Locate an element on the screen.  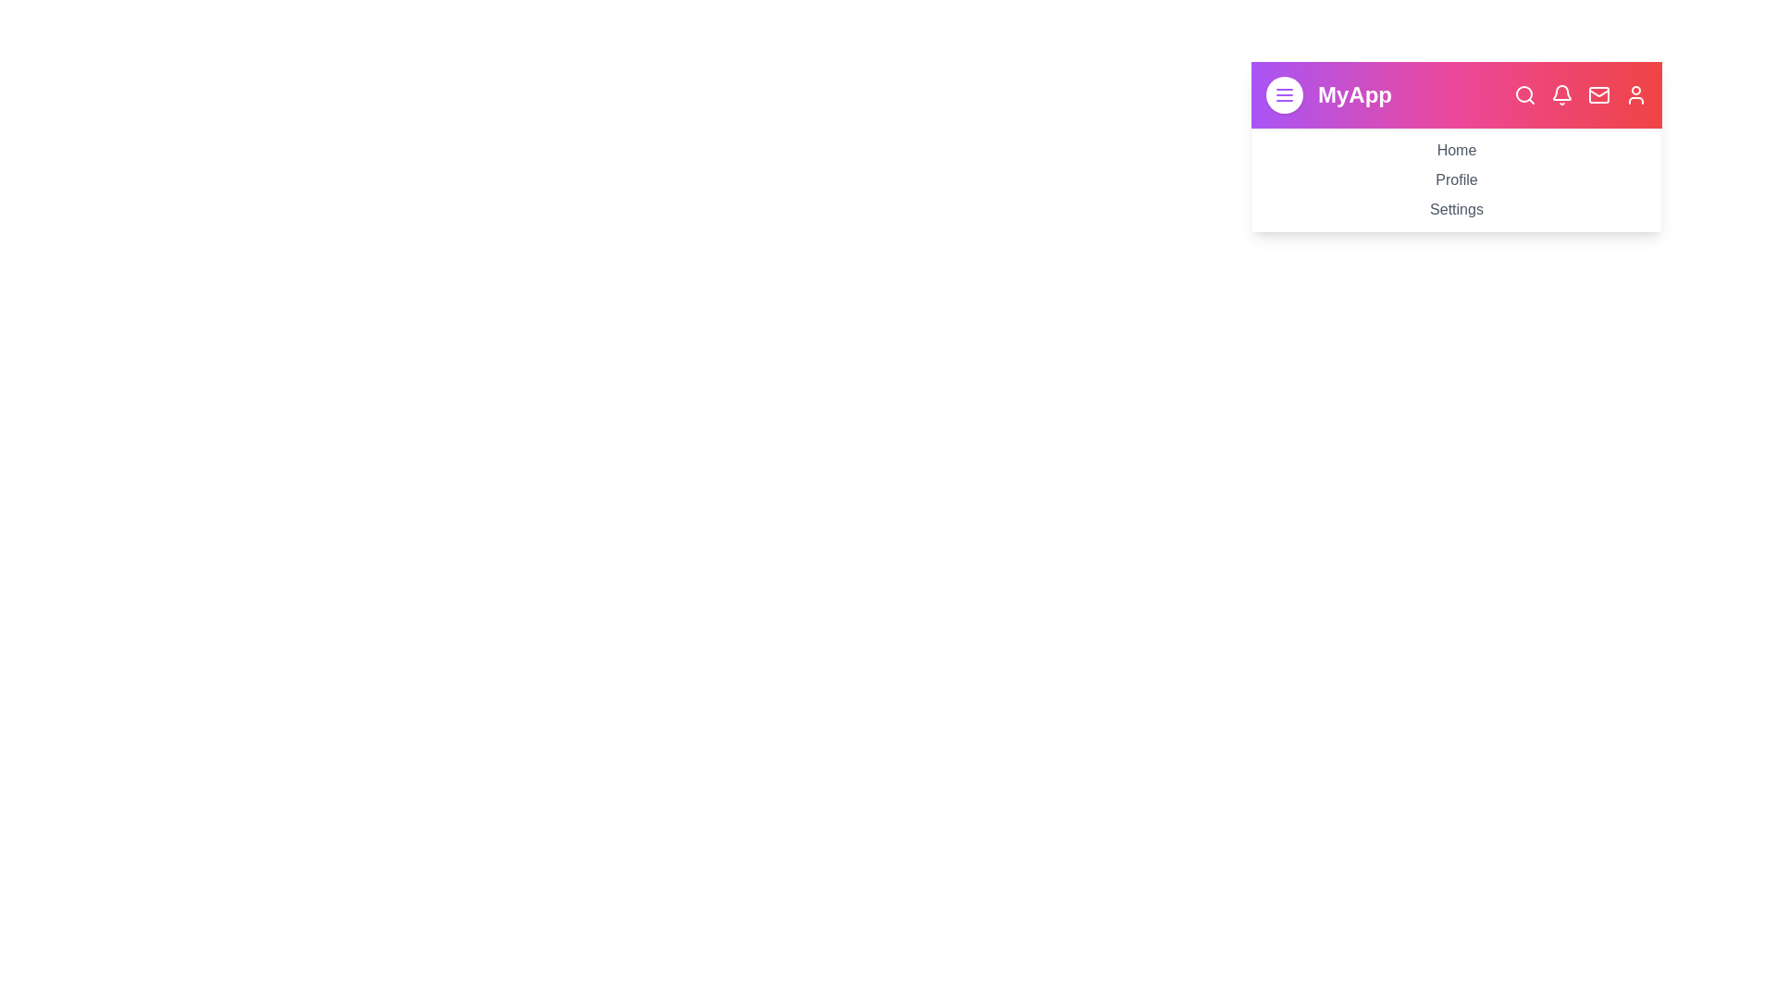
the menu button to toggle the menu visibility is located at coordinates (1283, 95).